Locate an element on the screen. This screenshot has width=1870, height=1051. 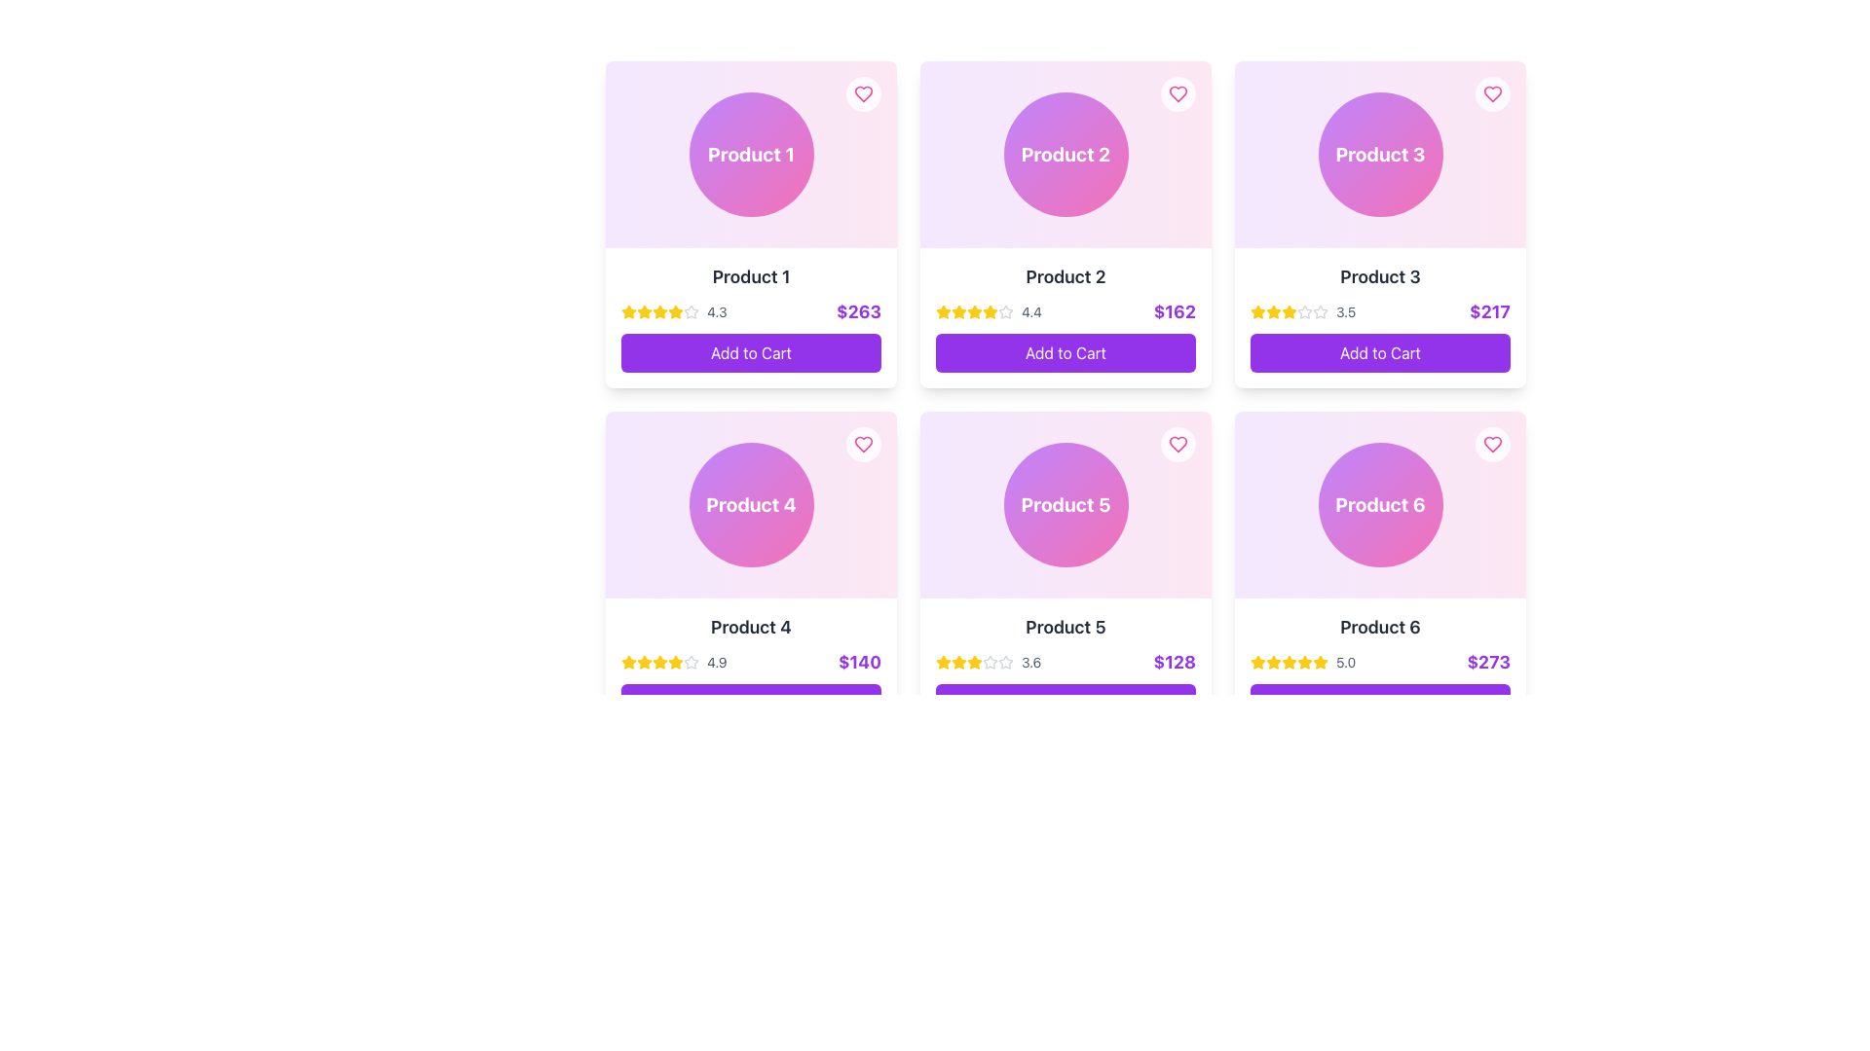
the yellow star icon, which is the seventh in a sequence of 10 rating symbols located under 'Product 2' in the second column of the grid is located at coordinates (991, 310).